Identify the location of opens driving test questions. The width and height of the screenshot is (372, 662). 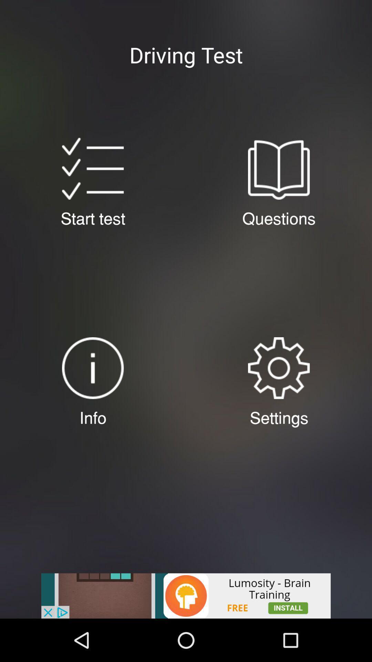
(278, 169).